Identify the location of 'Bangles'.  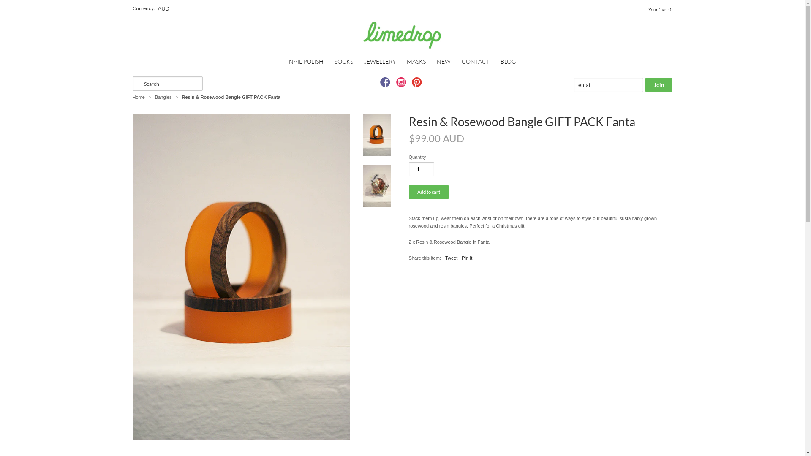
(164, 97).